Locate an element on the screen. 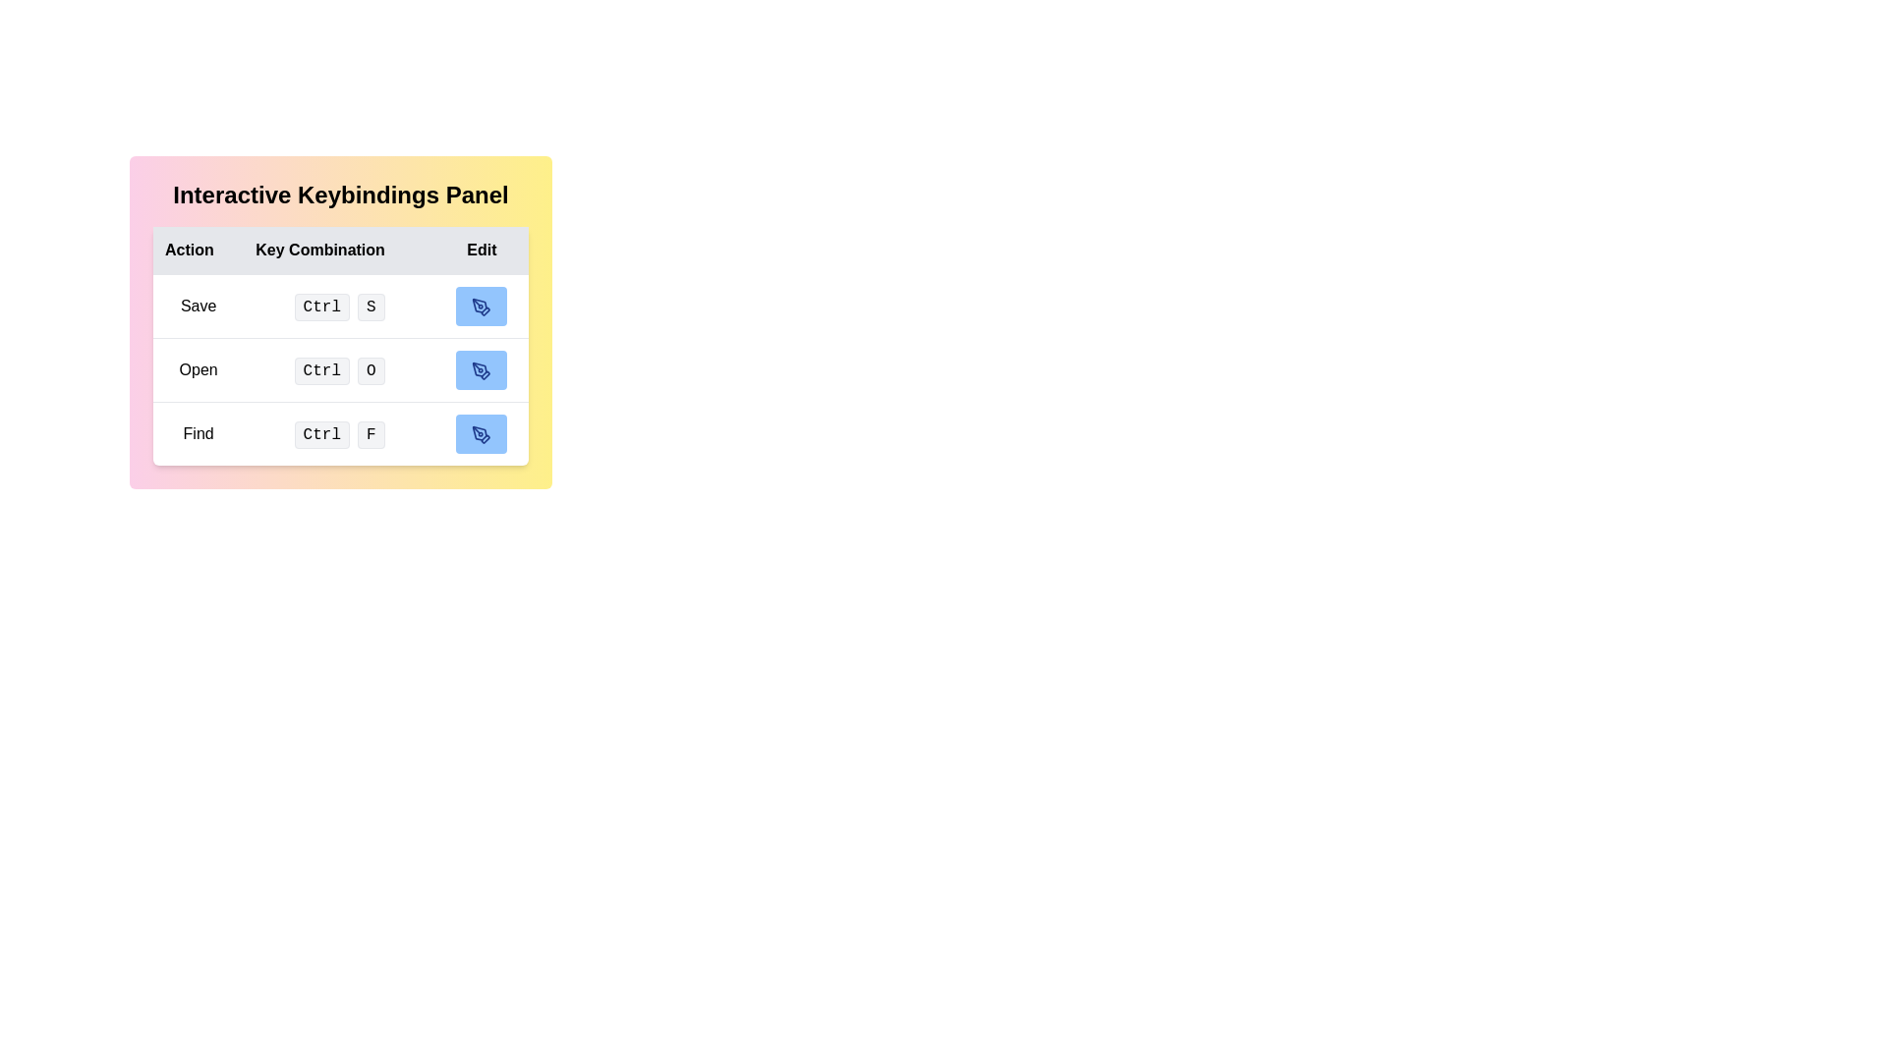  the text label displaying 'Key Combination' in bold black font, located in the center column of a three-column header above a table is located at coordinates (339, 250).